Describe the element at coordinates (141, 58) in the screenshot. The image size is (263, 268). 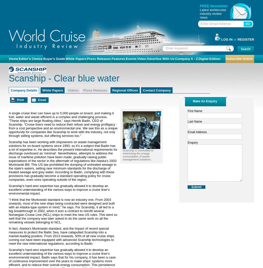
I see `'Video'` at that location.